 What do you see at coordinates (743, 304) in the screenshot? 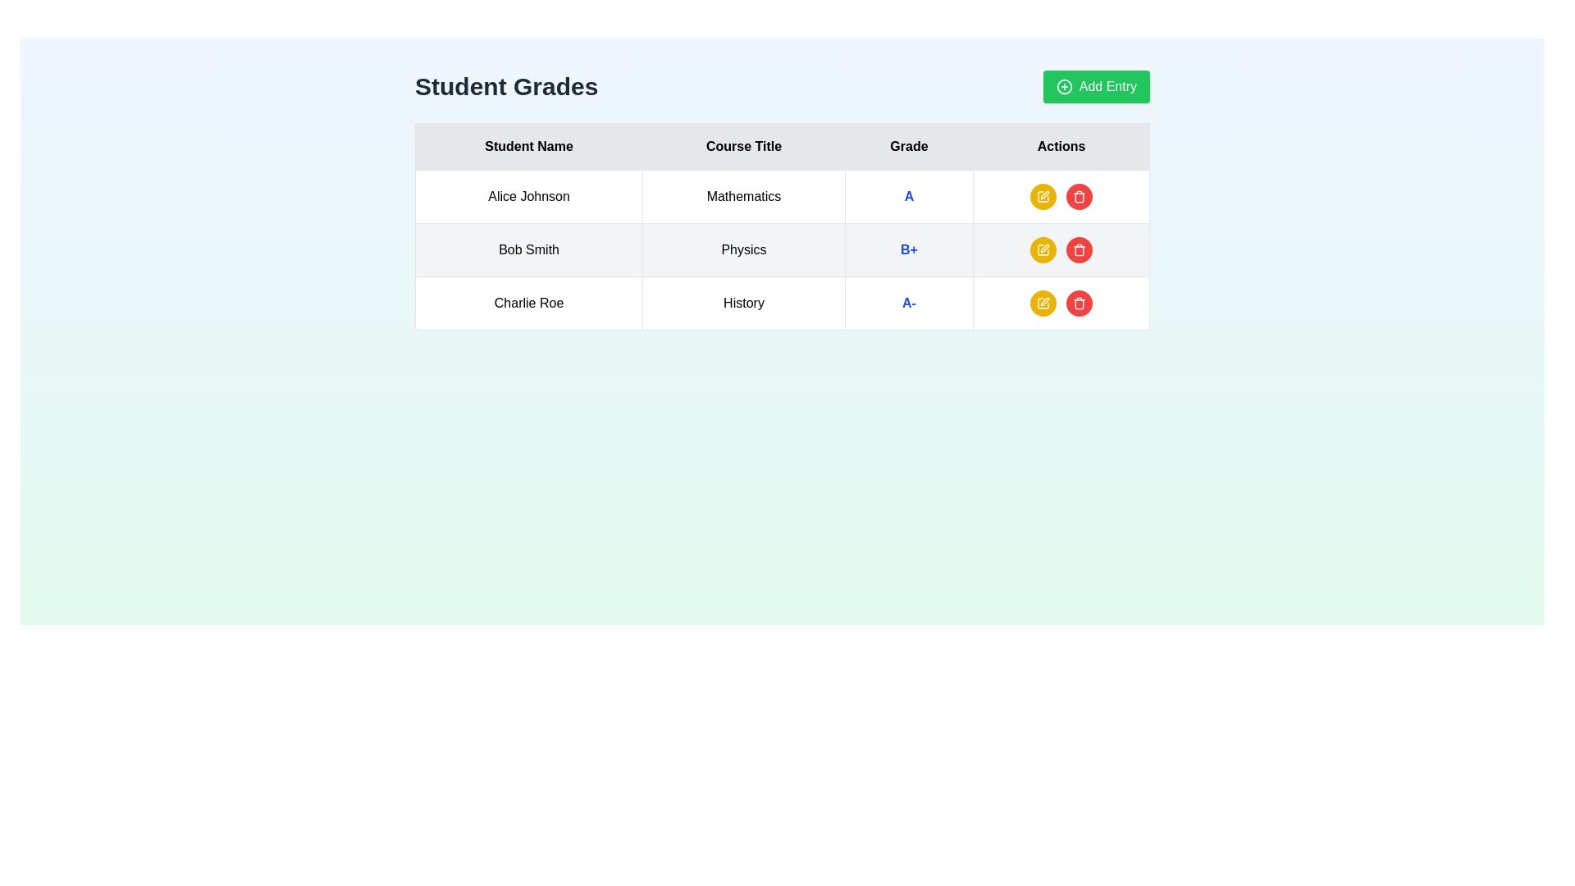
I see `the centered text label displaying 'History', located in the second column of the third row in a table, which precedes the 'Grade' column` at bounding box center [743, 304].